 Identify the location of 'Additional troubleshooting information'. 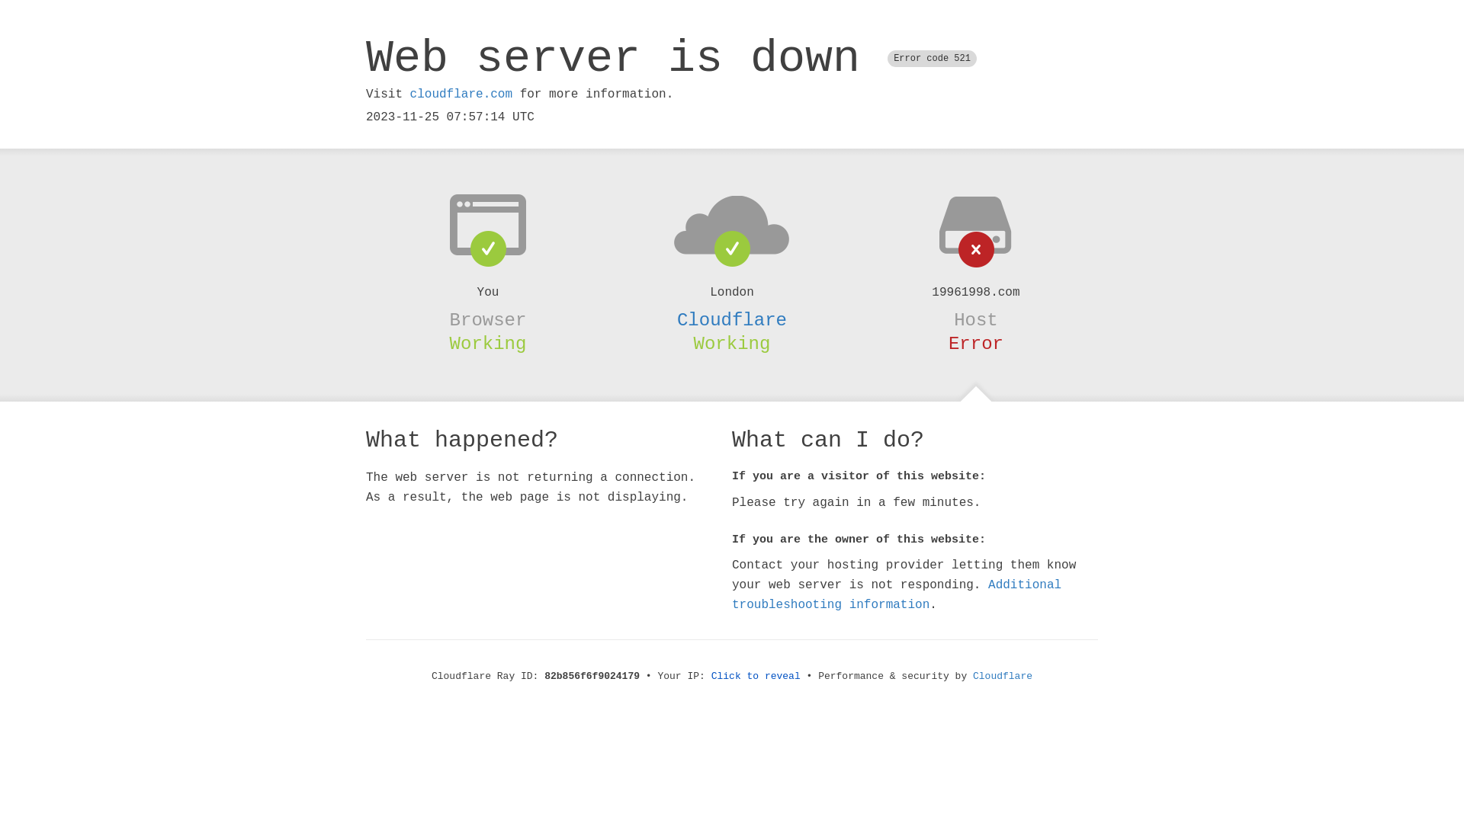
(897, 594).